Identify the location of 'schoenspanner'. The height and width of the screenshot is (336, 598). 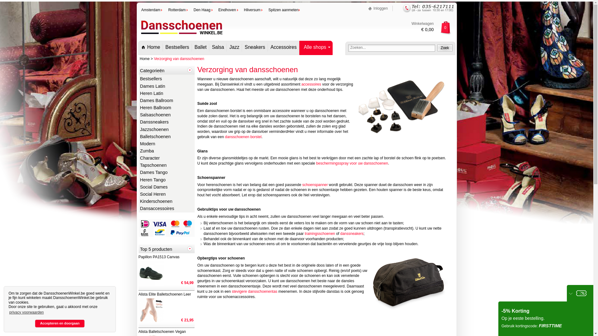
(315, 184).